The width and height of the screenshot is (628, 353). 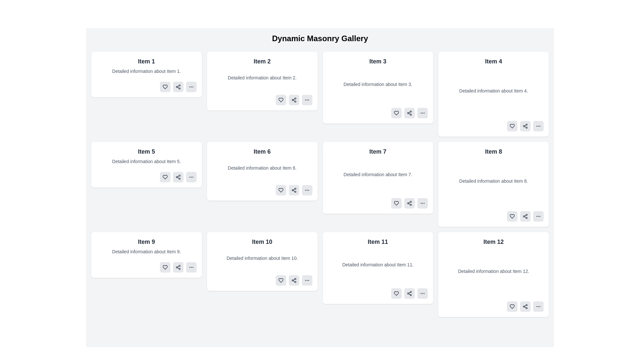 I want to click on visible text from the Text label element displaying 'Item 6', which is styled in large, bold font and located at the top-center of the card in the second row and second column of the grid layout, so click(x=262, y=151).